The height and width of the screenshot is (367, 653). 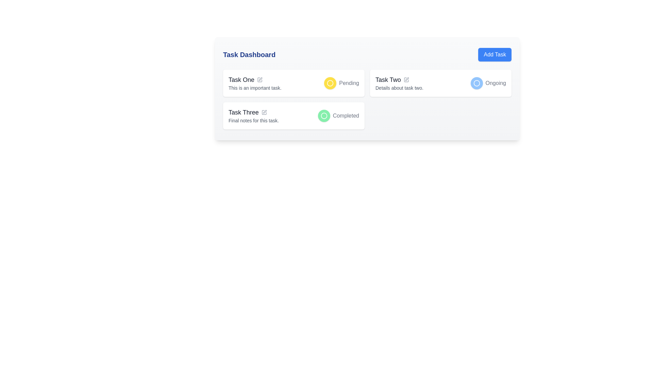 What do you see at coordinates (249, 54) in the screenshot?
I see `the text component displaying the title 'Task Dashboard' which is in large, bold, blue font, positioned in the top-left corner of its section` at bounding box center [249, 54].